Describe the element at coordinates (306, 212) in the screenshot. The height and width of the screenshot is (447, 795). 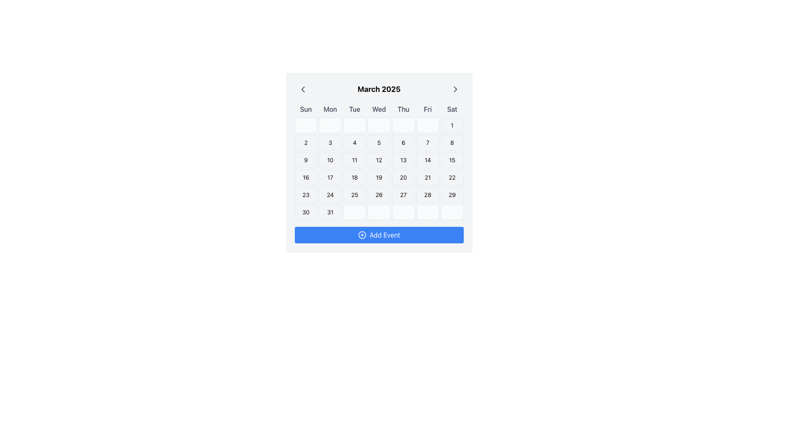
I see `the selectable calendar date cell displaying the number '30', located in the bottom row of the calendar layout` at that location.